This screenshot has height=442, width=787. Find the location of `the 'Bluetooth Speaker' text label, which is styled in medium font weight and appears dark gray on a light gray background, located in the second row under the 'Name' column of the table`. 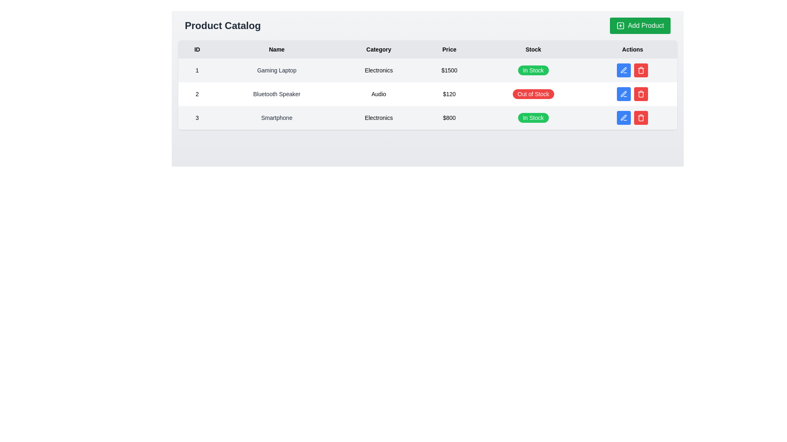

the 'Bluetooth Speaker' text label, which is styled in medium font weight and appears dark gray on a light gray background, located in the second row under the 'Name' column of the table is located at coordinates (277, 94).